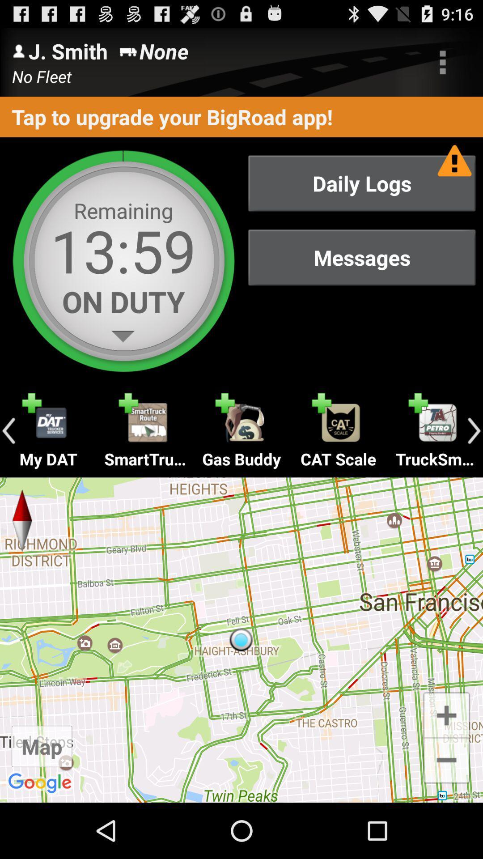 The image size is (483, 859). What do you see at coordinates (446, 714) in the screenshot?
I see `zoom` at bounding box center [446, 714].